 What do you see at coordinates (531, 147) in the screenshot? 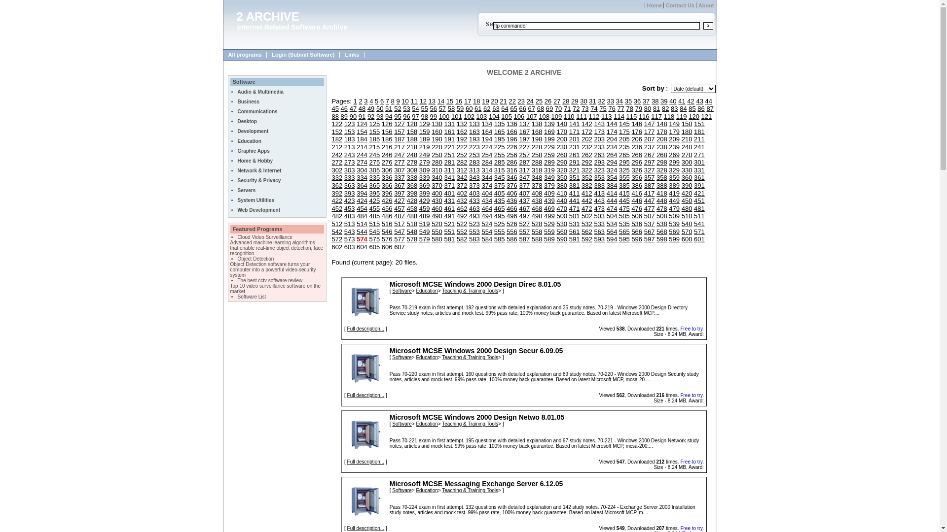
I see `'228'` at bounding box center [531, 147].